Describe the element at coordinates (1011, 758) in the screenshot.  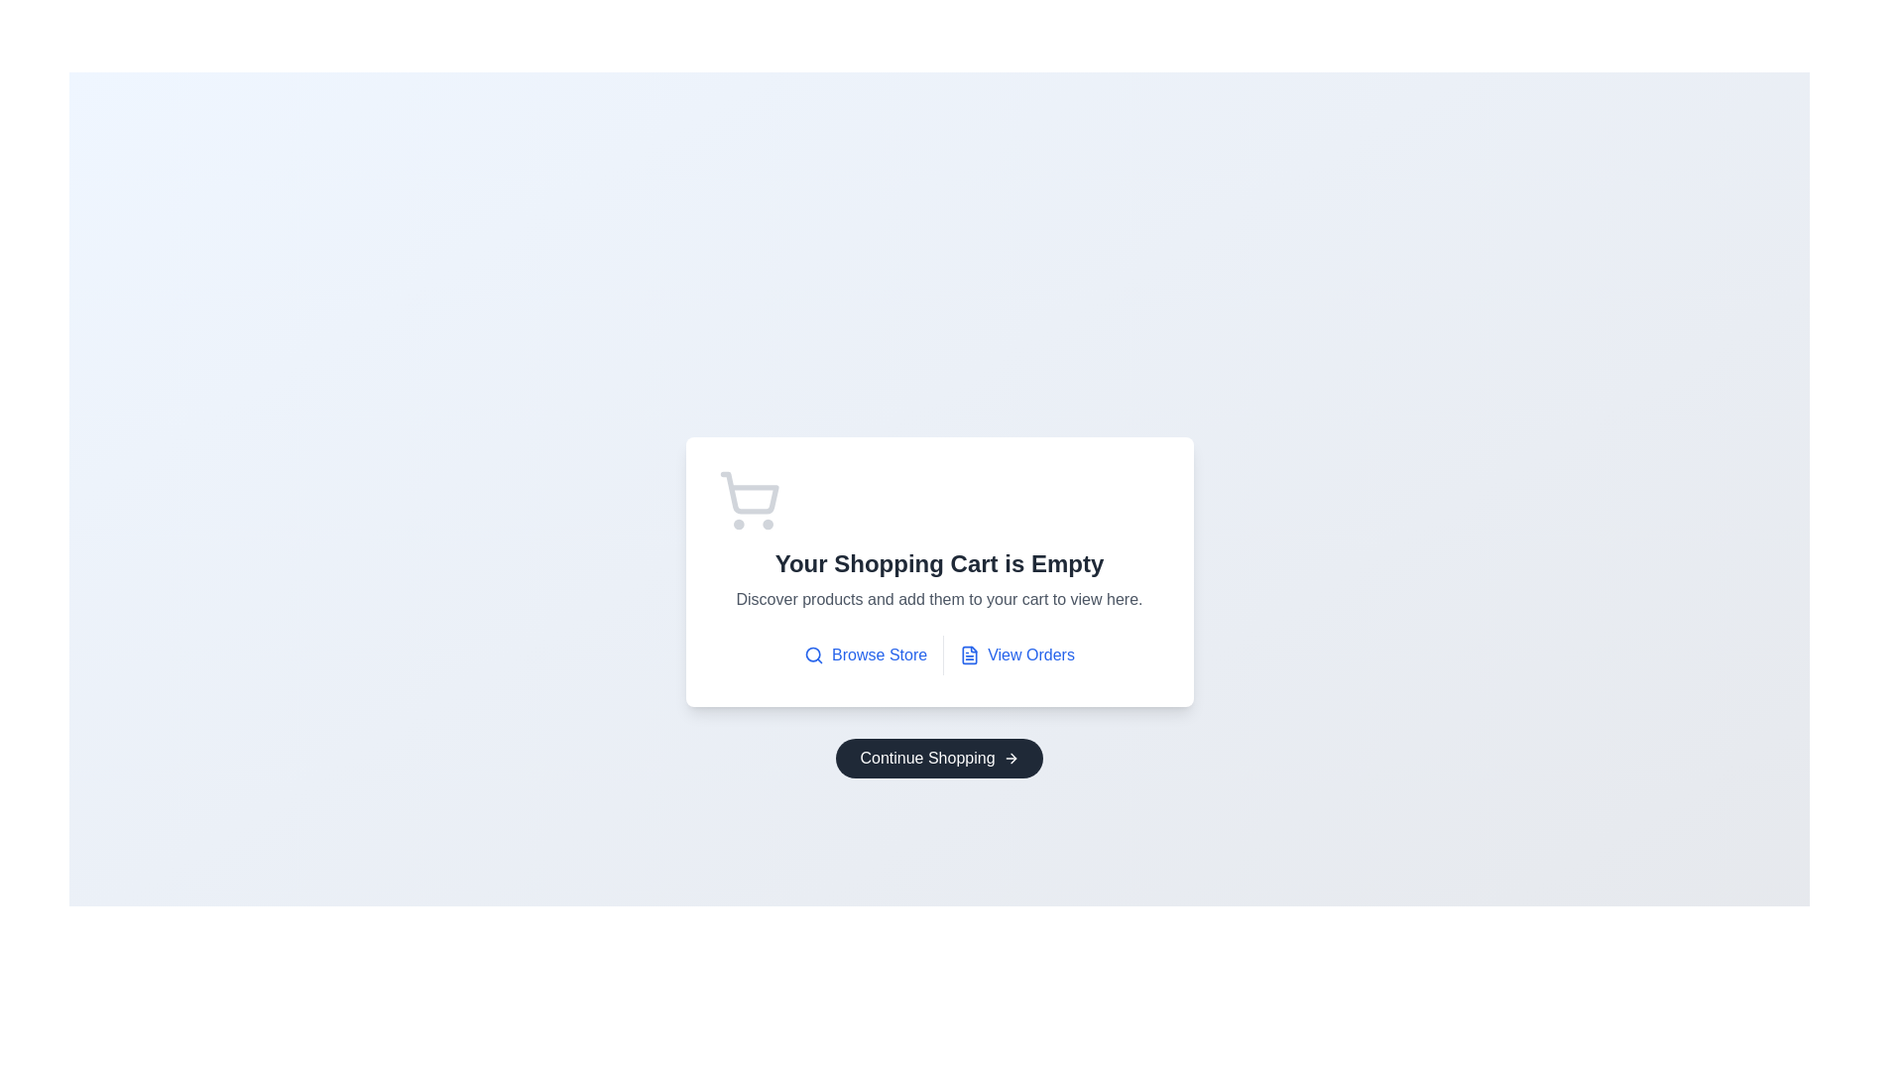
I see `the right arrow icon located at the rightmost side of the 'Continue Shopping' button, which is below the empty shopping cart card` at that location.